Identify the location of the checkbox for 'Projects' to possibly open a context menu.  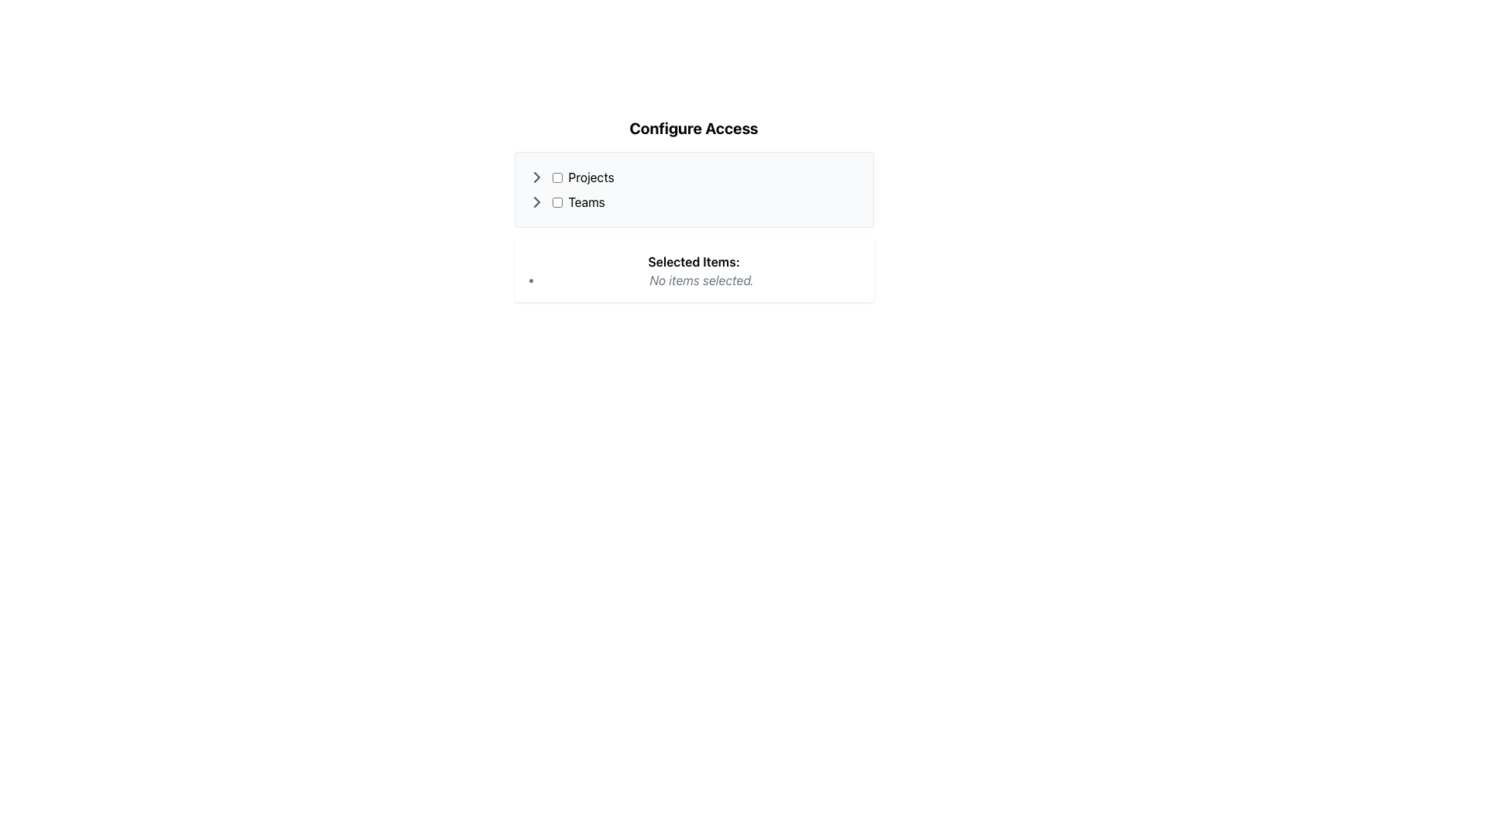
(557, 176).